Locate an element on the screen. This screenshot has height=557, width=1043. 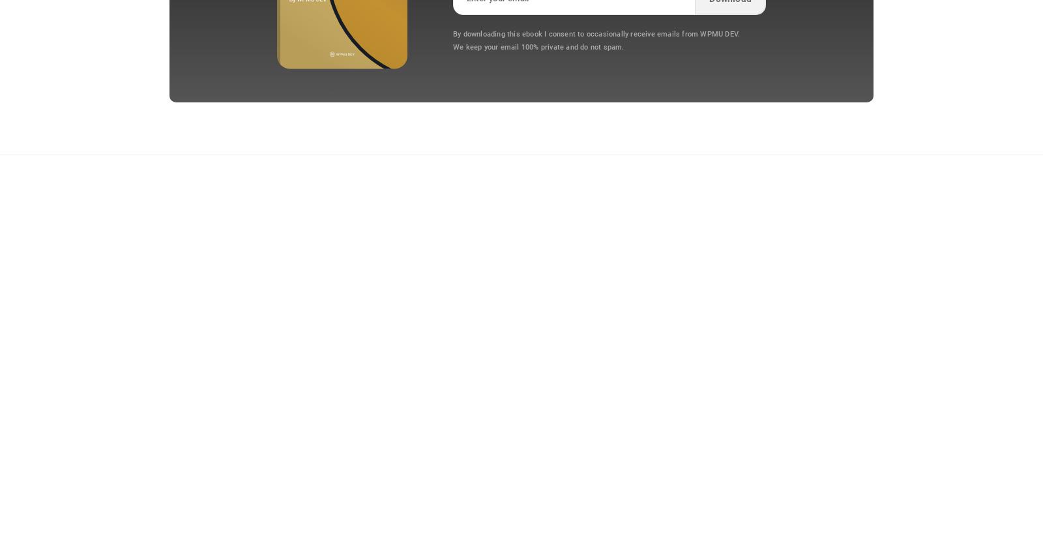
'Branda Pro' is located at coordinates (162, 350).